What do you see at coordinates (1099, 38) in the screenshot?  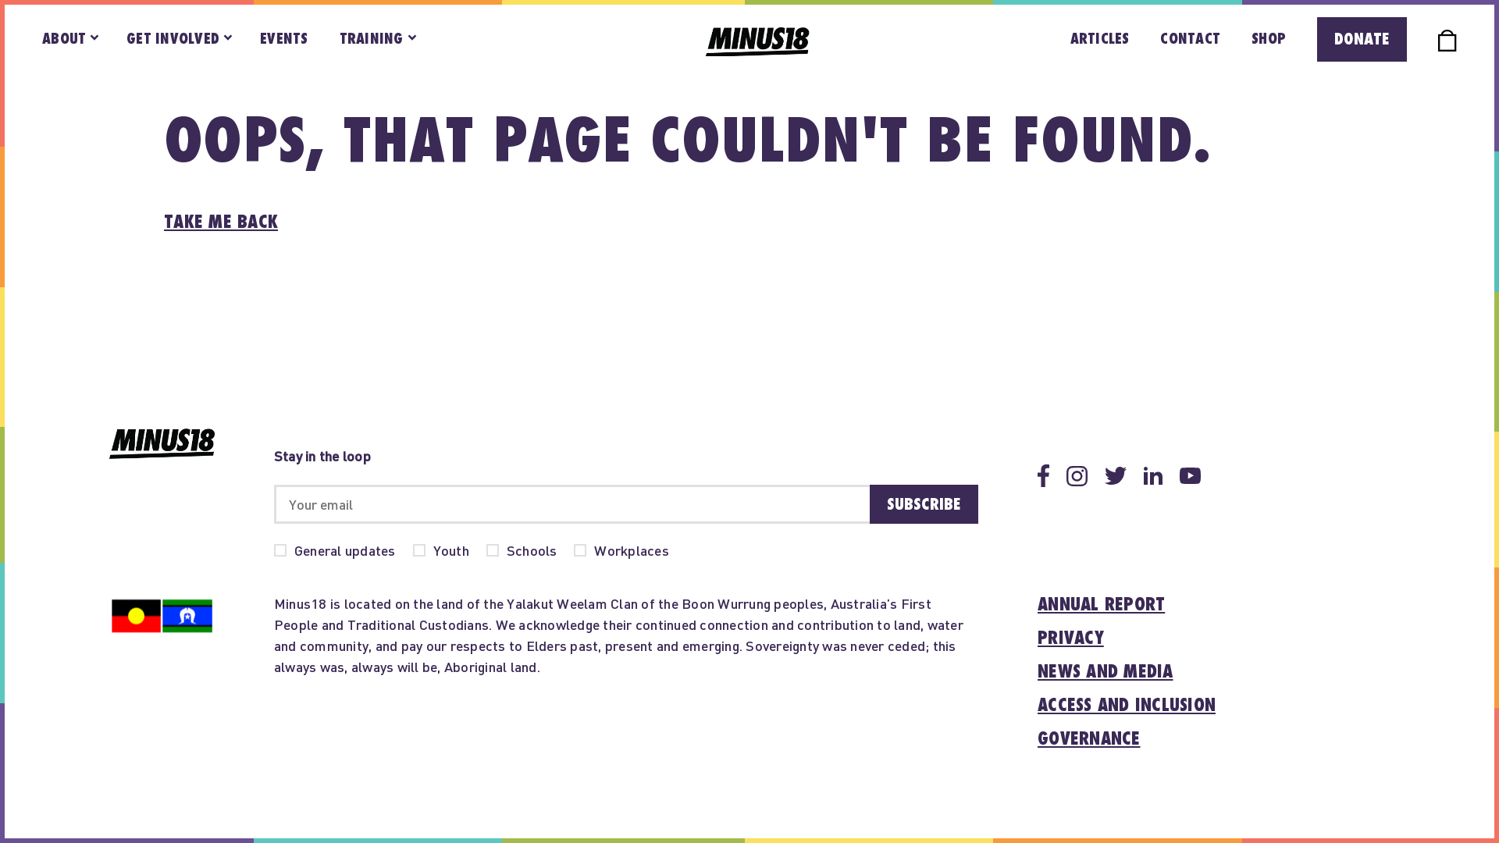 I see `'ARTICLES'` at bounding box center [1099, 38].